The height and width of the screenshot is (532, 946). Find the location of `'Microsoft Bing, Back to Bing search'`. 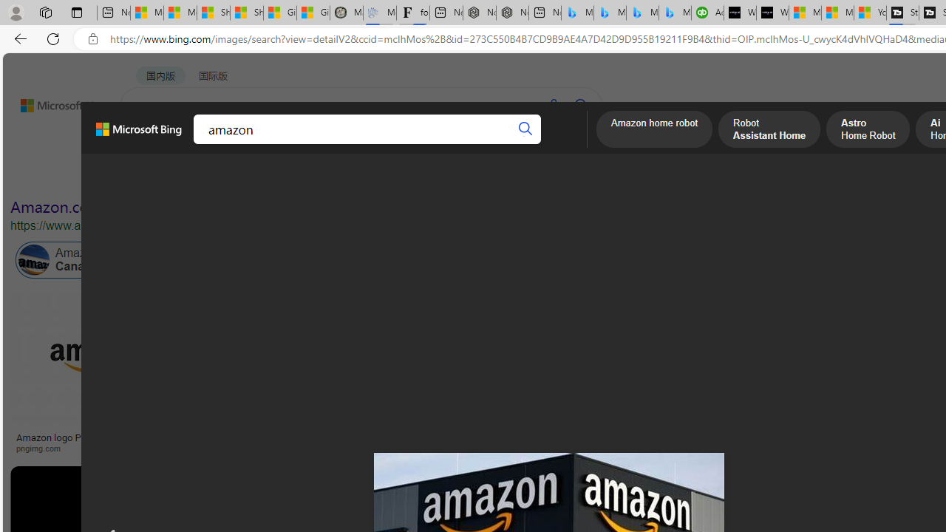

'Microsoft Bing, Back to Bing search' is located at coordinates (139, 135).